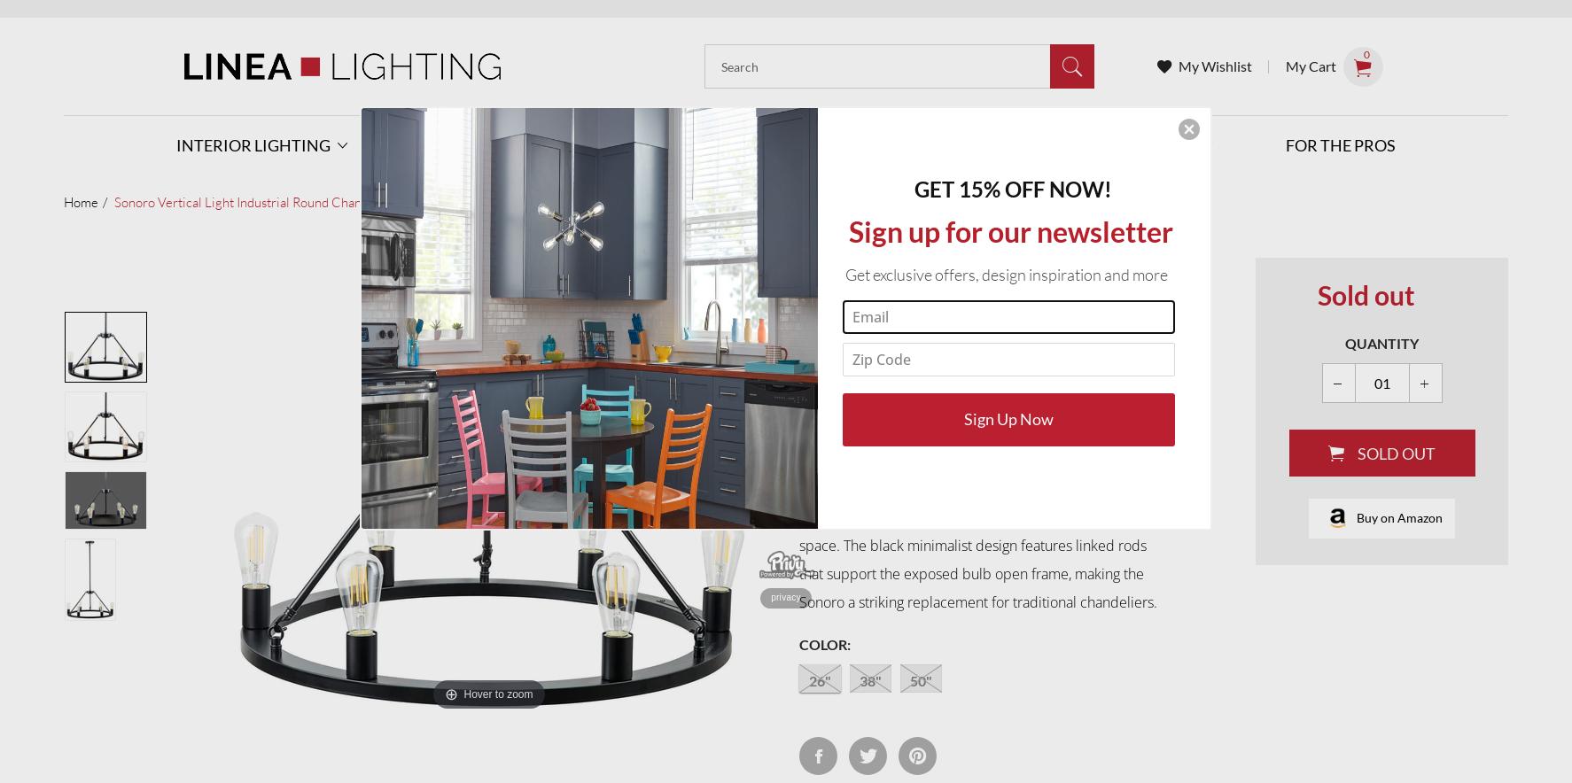 The width and height of the screenshot is (1572, 783). What do you see at coordinates (1169, 292) in the screenshot?
I see `'Room designs'` at bounding box center [1169, 292].